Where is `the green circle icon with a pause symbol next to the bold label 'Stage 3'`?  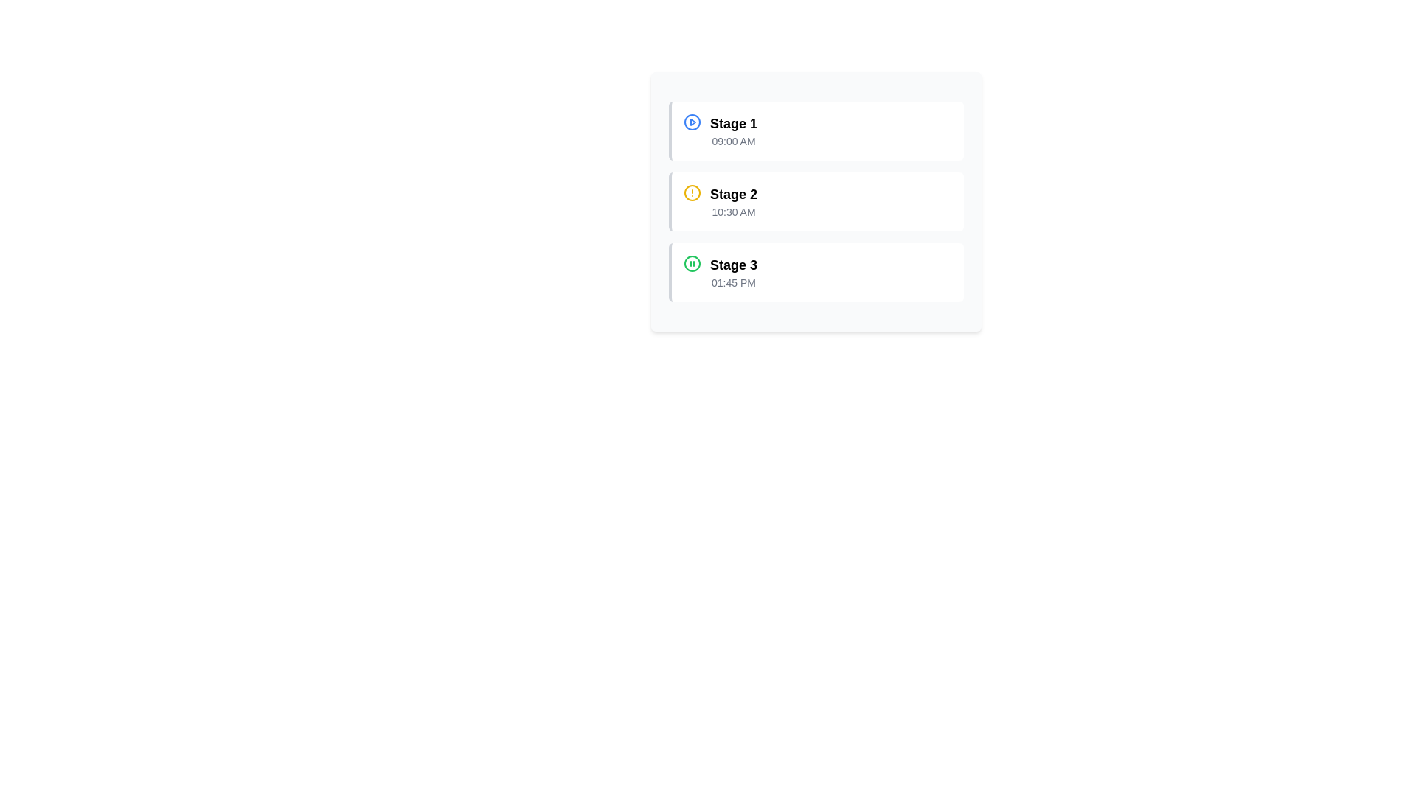 the green circle icon with a pause symbol next to the bold label 'Stage 3' is located at coordinates (721, 273).